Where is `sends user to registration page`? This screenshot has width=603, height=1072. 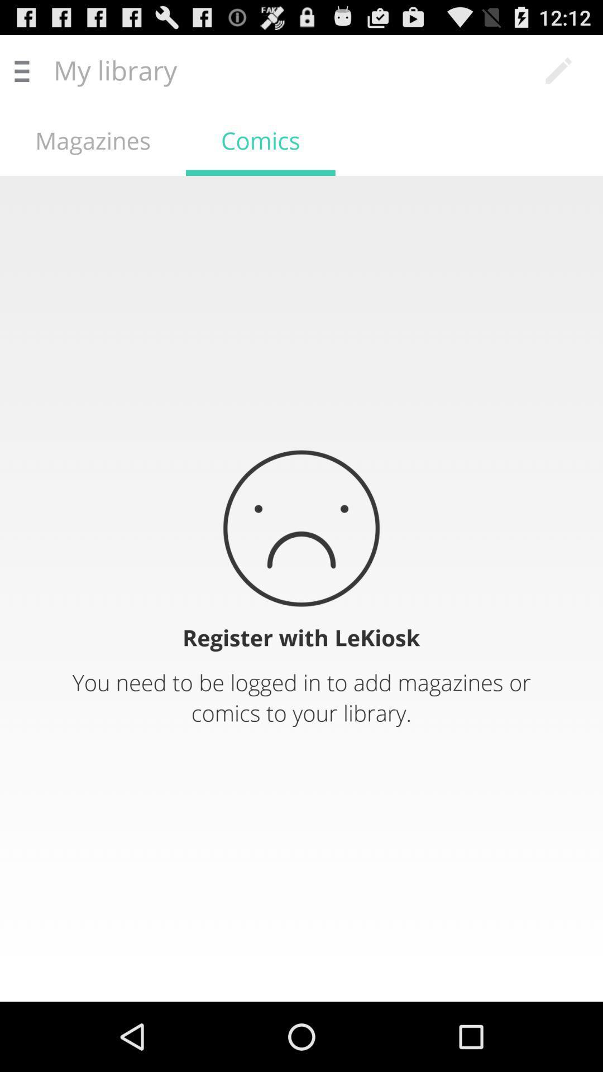 sends user to registration page is located at coordinates (301, 588).